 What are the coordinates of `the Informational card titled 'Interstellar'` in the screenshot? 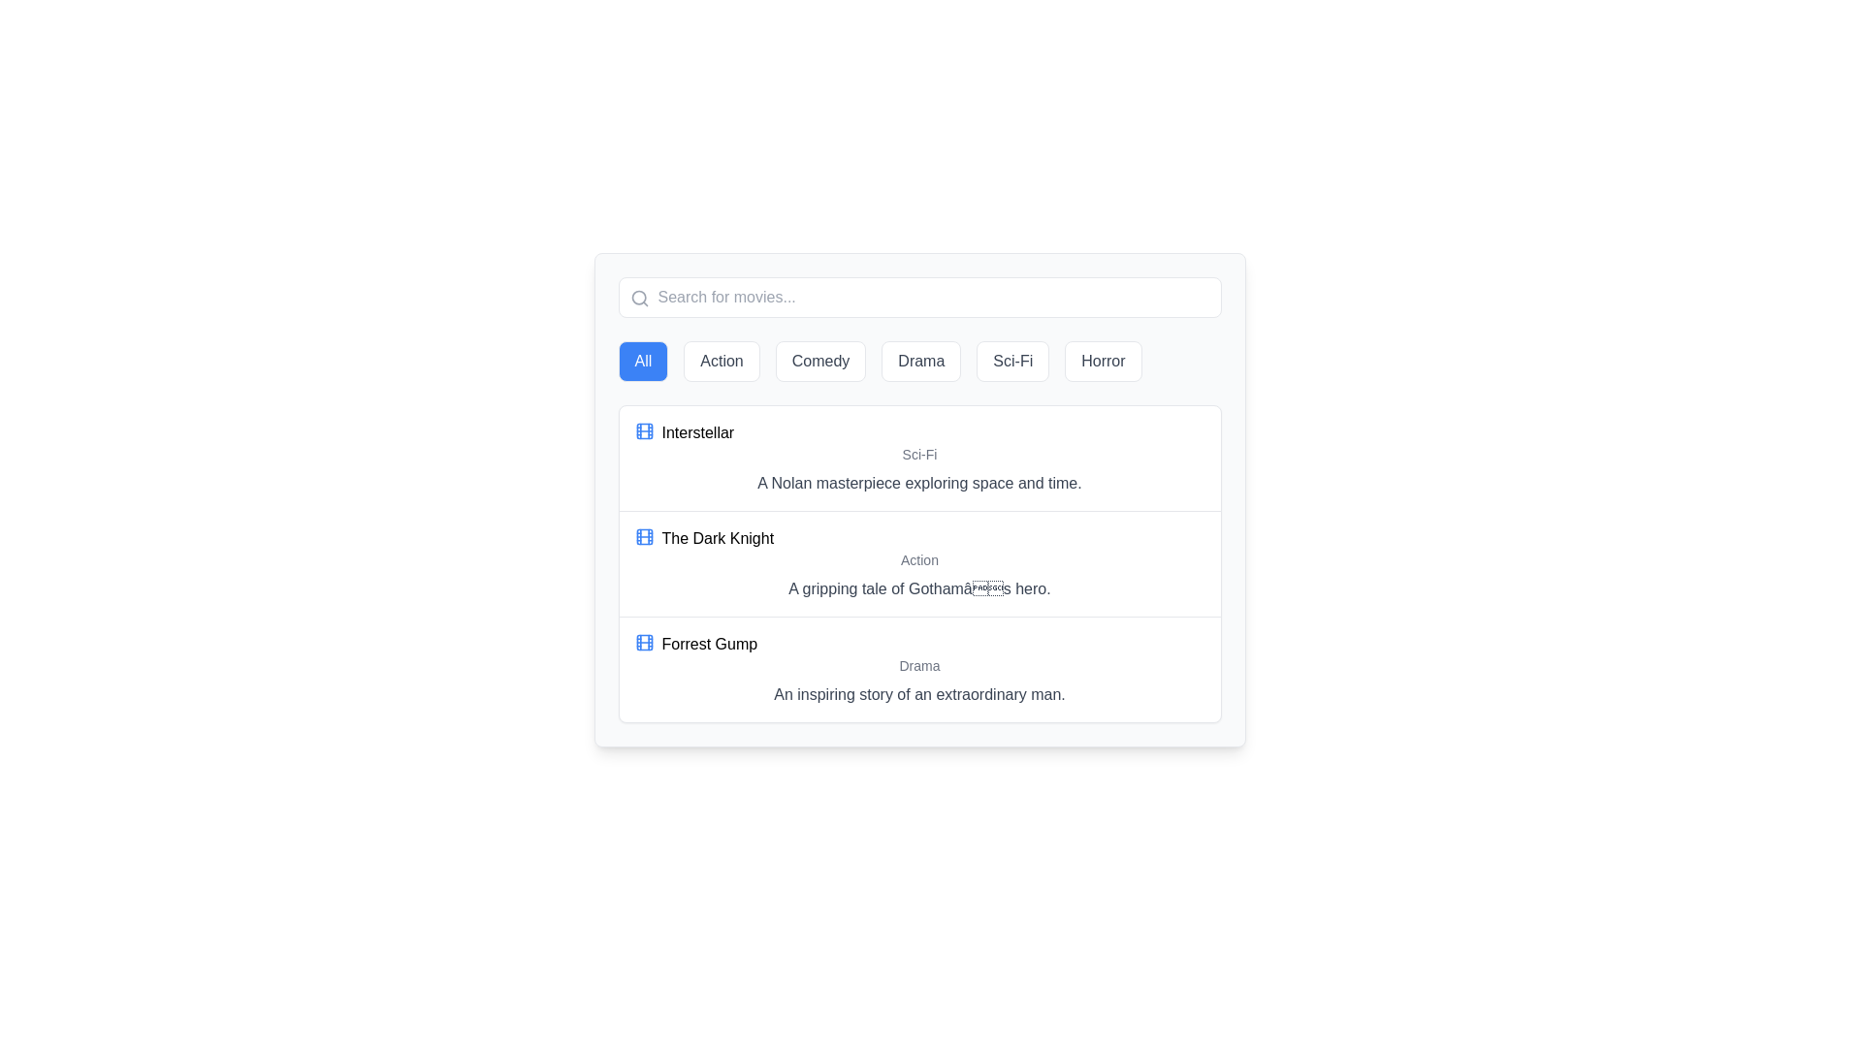 It's located at (918, 499).